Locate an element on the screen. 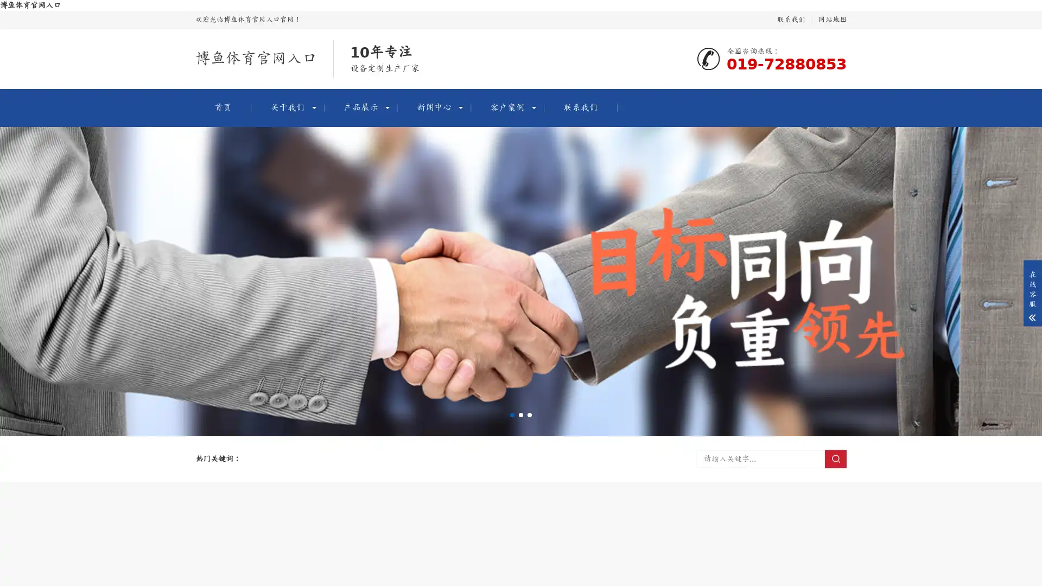  Go to slide 3 is located at coordinates (529, 415).